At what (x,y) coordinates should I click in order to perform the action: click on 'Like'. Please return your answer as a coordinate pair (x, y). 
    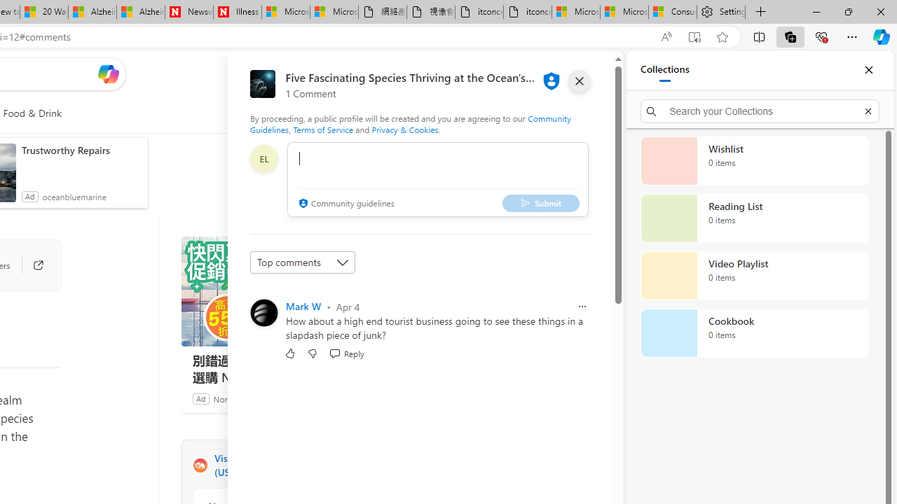
    Looking at the image, I should click on (289, 353).